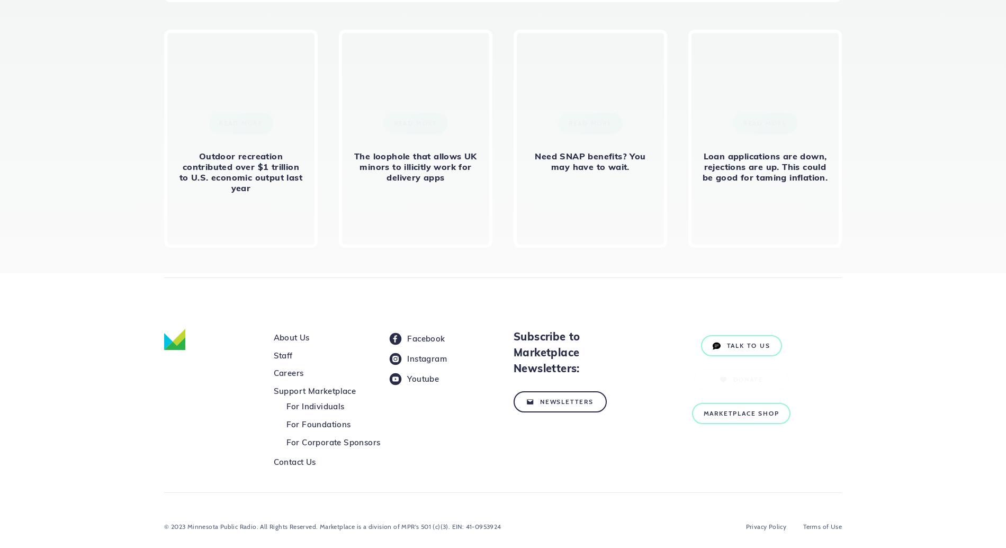 The width and height of the screenshot is (1006, 548). I want to click on 'About Us', so click(291, 337).